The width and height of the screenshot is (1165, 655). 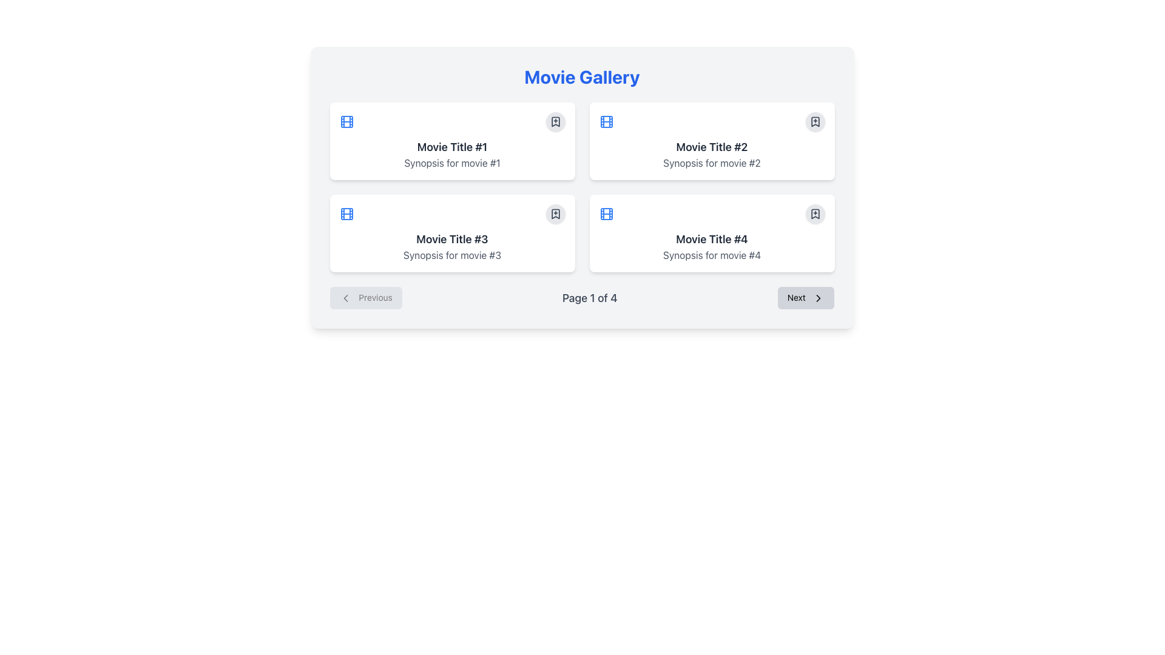 I want to click on text from the Text Label displaying 'Movie Title #4' located in the lower-right card of the grid layout, positioned above the synopsis text, so click(x=712, y=239).